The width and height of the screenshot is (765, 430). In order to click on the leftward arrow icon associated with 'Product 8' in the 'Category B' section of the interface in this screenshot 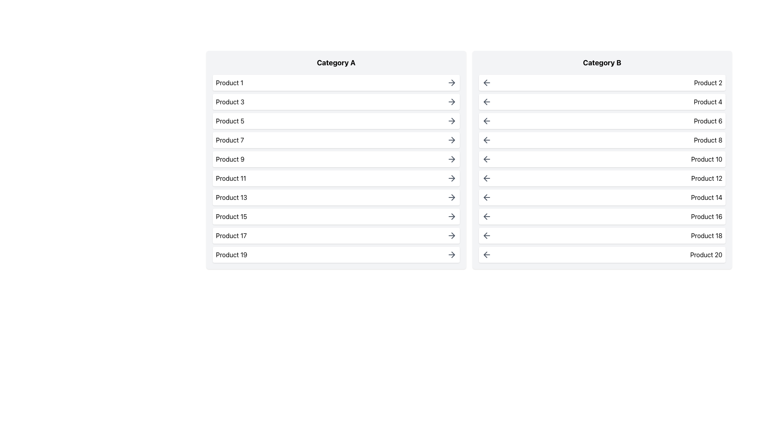, I will do `click(485, 139)`.